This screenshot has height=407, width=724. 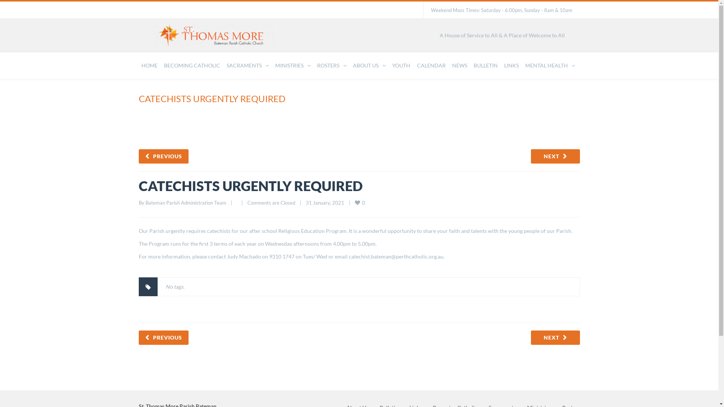 I want to click on 'LINKS', so click(x=511, y=65).